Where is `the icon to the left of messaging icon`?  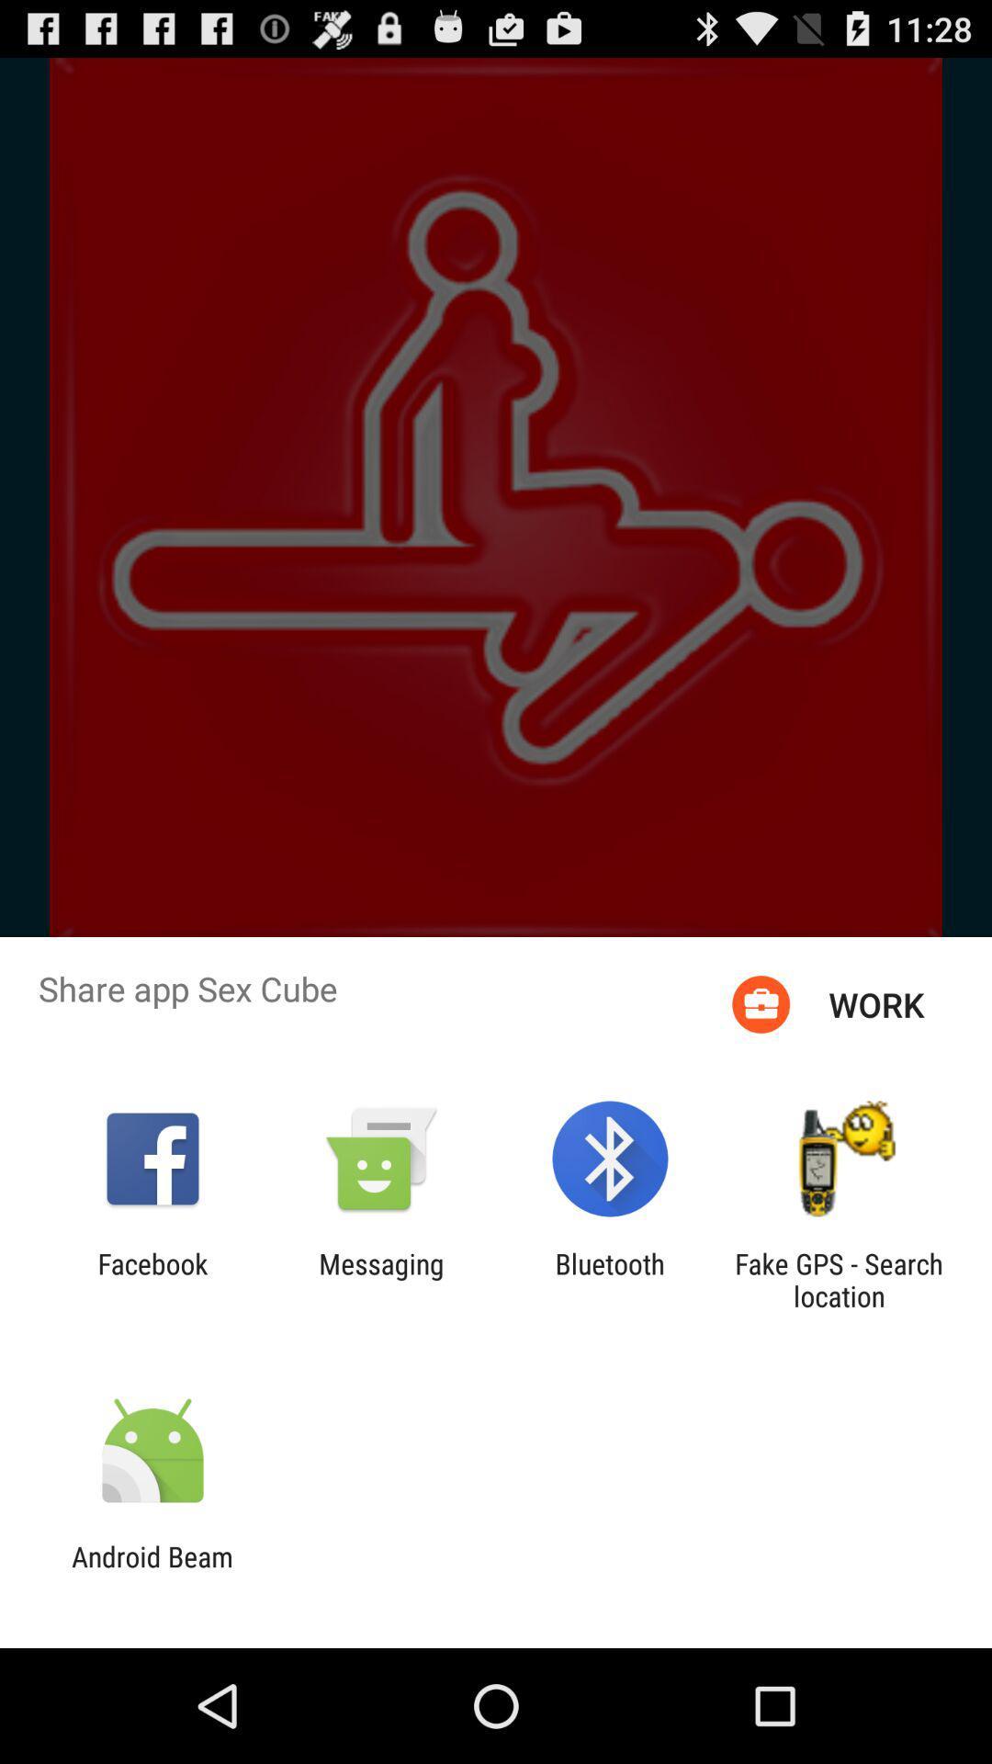 the icon to the left of messaging icon is located at coordinates (152, 1279).